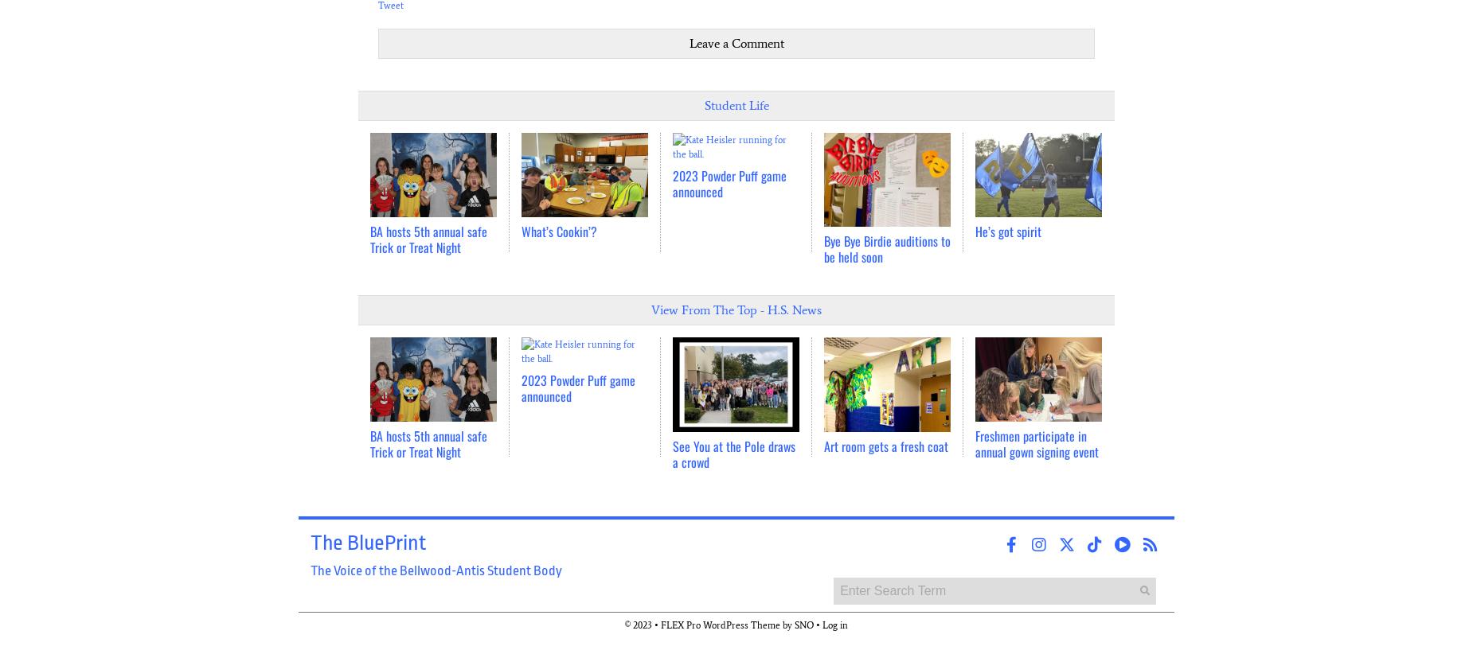  Describe the element at coordinates (736, 309) in the screenshot. I see `'View From The Top - H.S. News'` at that location.